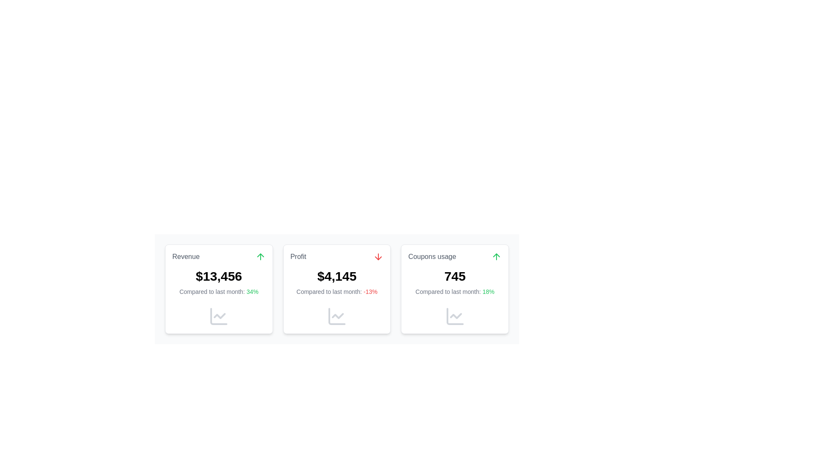 Image resolution: width=819 pixels, height=460 pixels. I want to click on the text element displaying 'Compared to last month: 34%' which is styled in green and bold, located beneath the monetary value of $13,456 in the 'Revenue' card layout, so click(219, 291).